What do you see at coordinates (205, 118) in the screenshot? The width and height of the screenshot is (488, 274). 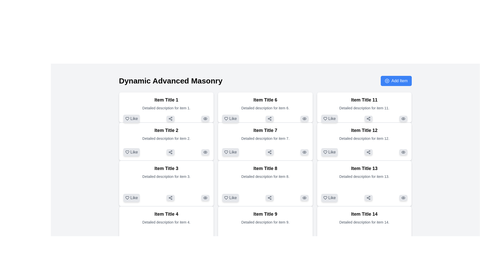 I see `the button styled with a light gray background and a dark gray eye-shaped icon` at bounding box center [205, 118].